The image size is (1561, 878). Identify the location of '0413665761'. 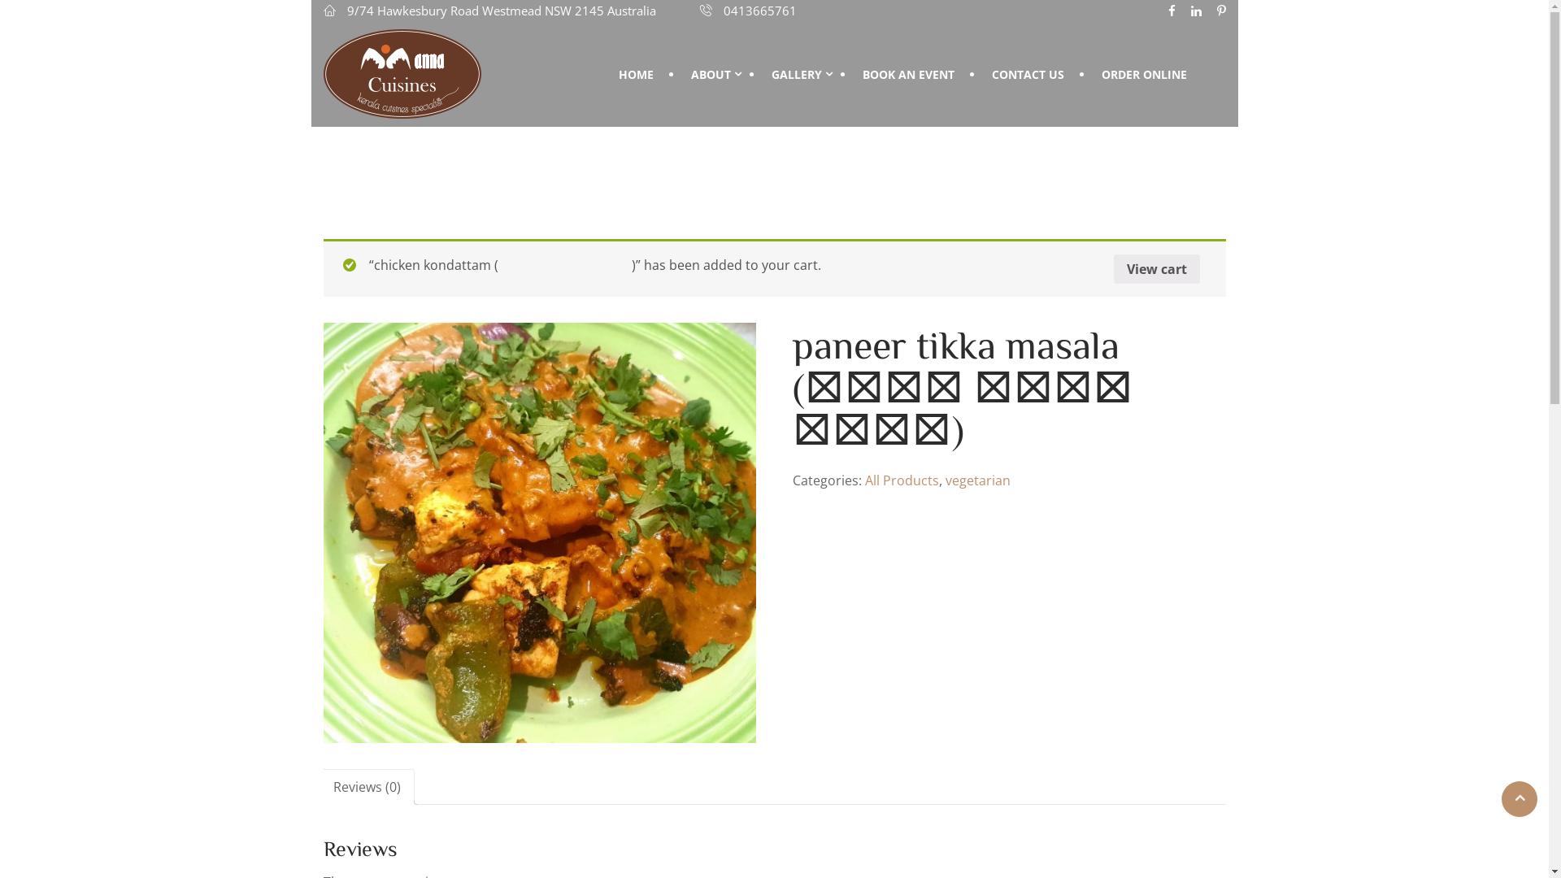
(746, 10).